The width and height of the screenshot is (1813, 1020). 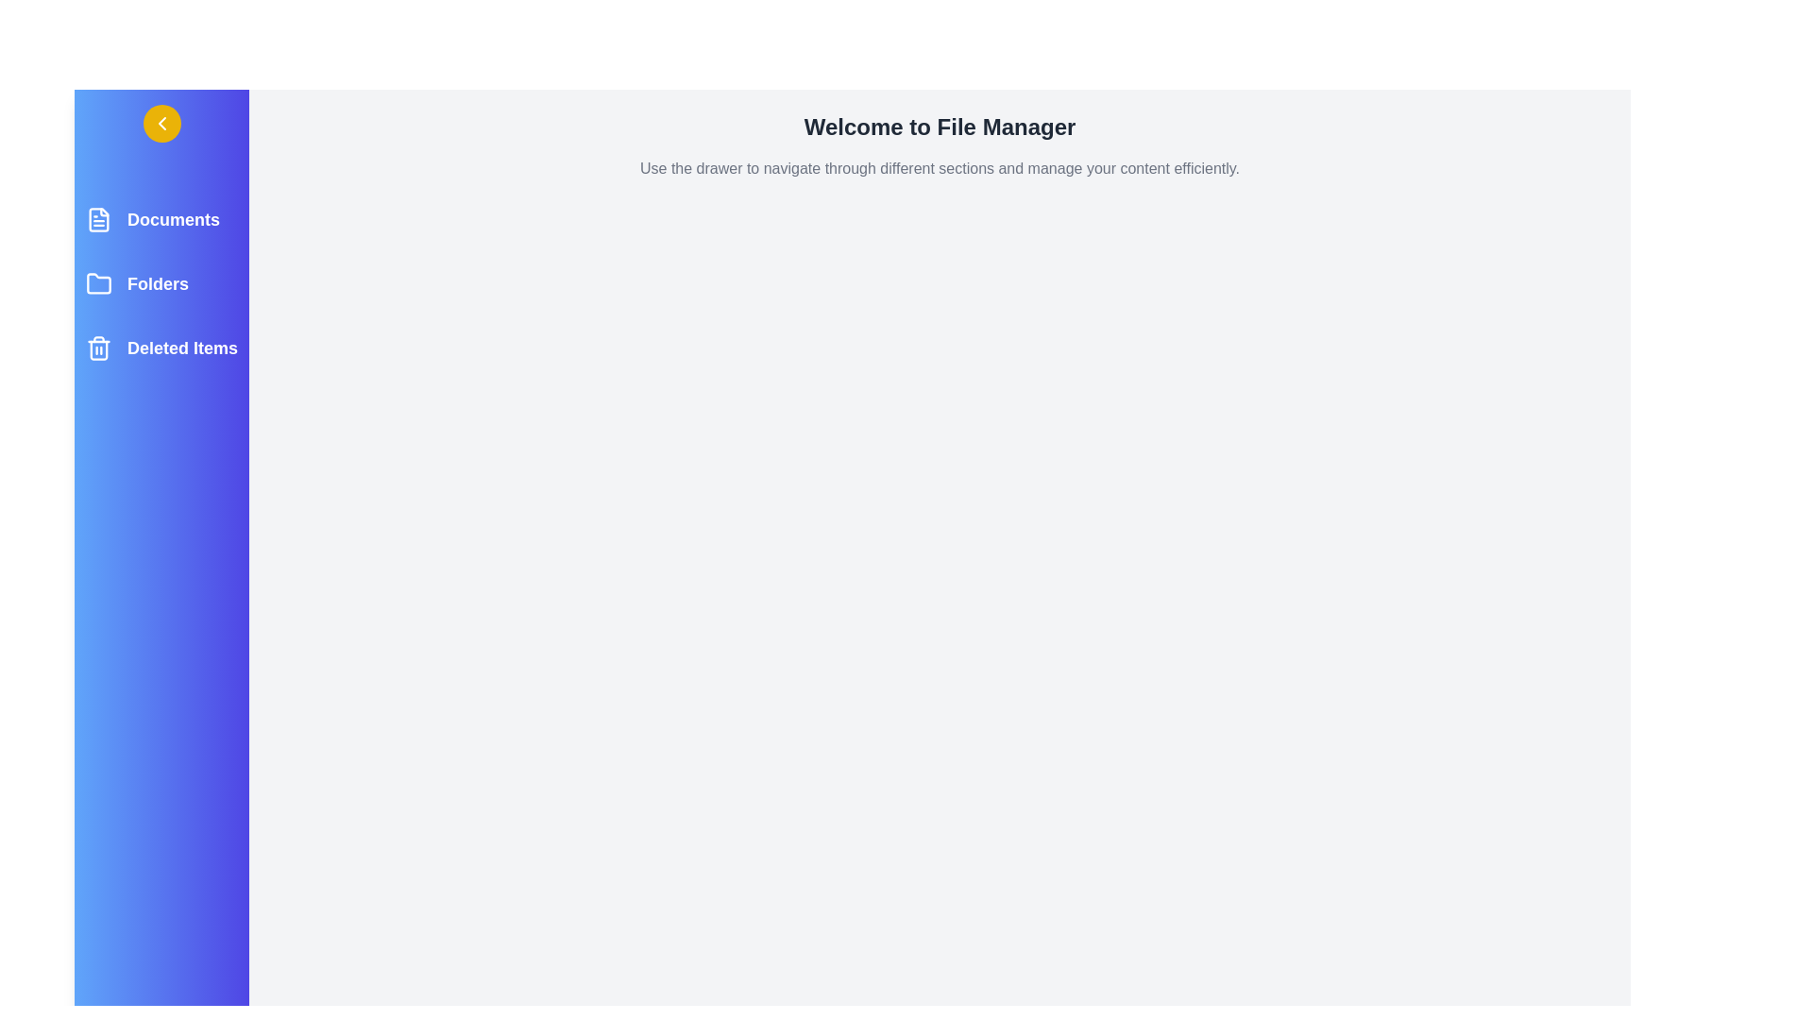 I want to click on the Documents section to highlight it, so click(x=161, y=218).